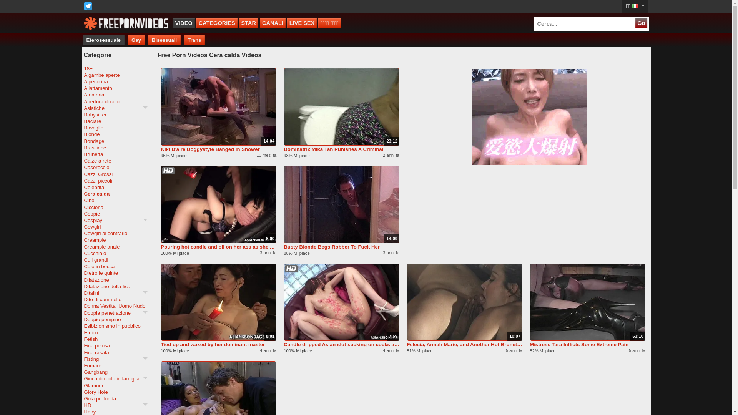  What do you see at coordinates (83, 326) in the screenshot?
I see `'Esibizionismo in pubblico'` at bounding box center [83, 326].